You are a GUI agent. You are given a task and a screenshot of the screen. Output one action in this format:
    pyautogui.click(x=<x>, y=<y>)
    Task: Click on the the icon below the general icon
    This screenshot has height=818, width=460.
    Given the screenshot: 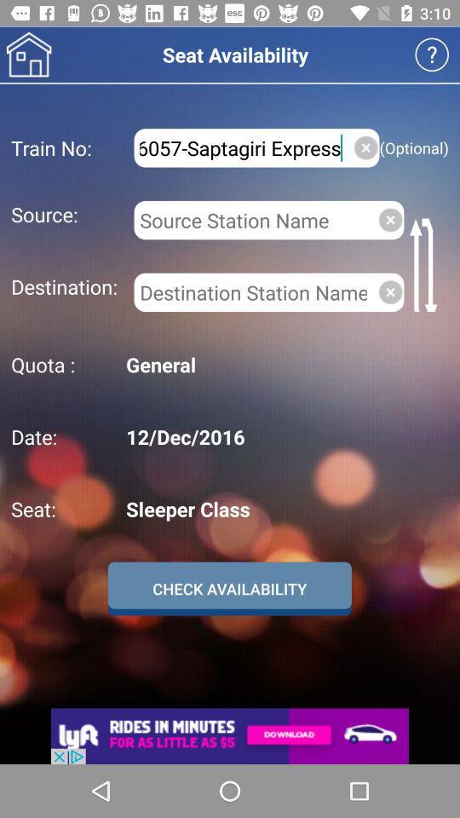 What is the action you would take?
    pyautogui.click(x=285, y=435)
    